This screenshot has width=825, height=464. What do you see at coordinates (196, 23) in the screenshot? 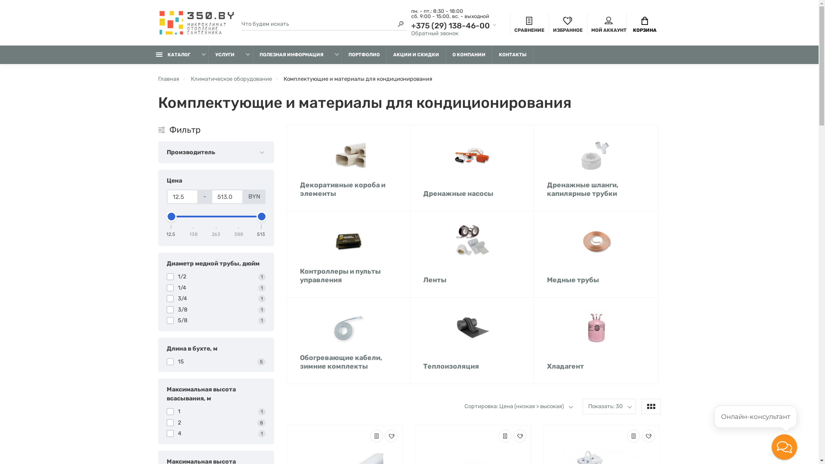
I see `'350.by'` at bounding box center [196, 23].